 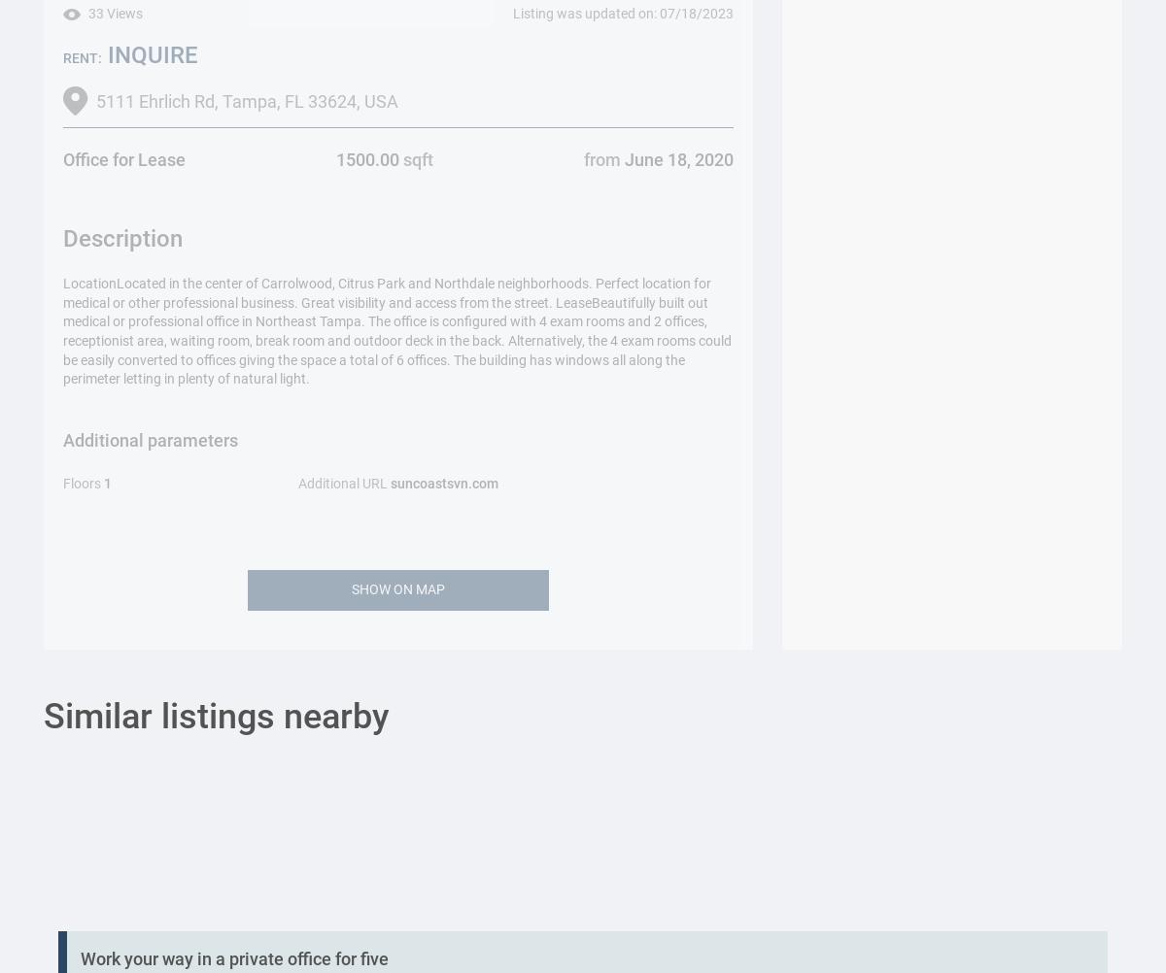 What do you see at coordinates (623, 14) in the screenshot?
I see `'Listing was updated on: 07/18/2023'` at bounding box center [623, 14].